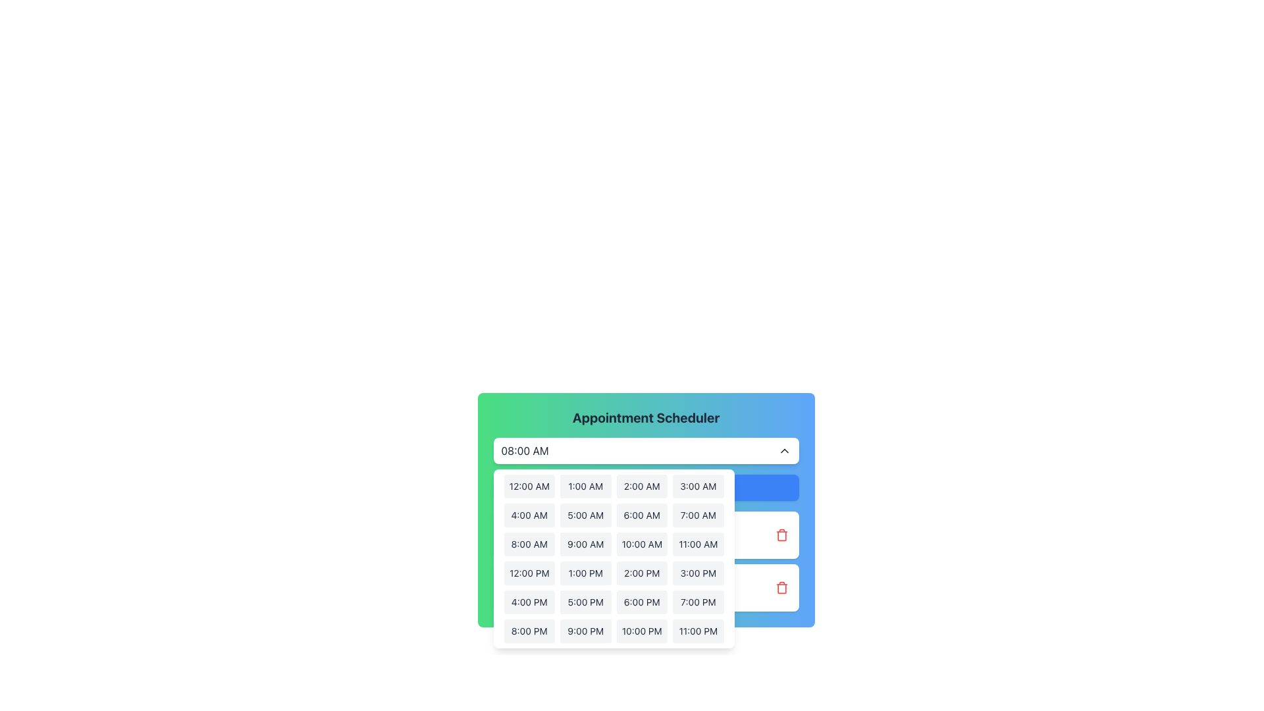 The height and width of the screenshot is (711, 1264). What do you see at coordinates (781, 587) in the screenshot?
I see `the red trash icon` at bounding box center [781, 587].